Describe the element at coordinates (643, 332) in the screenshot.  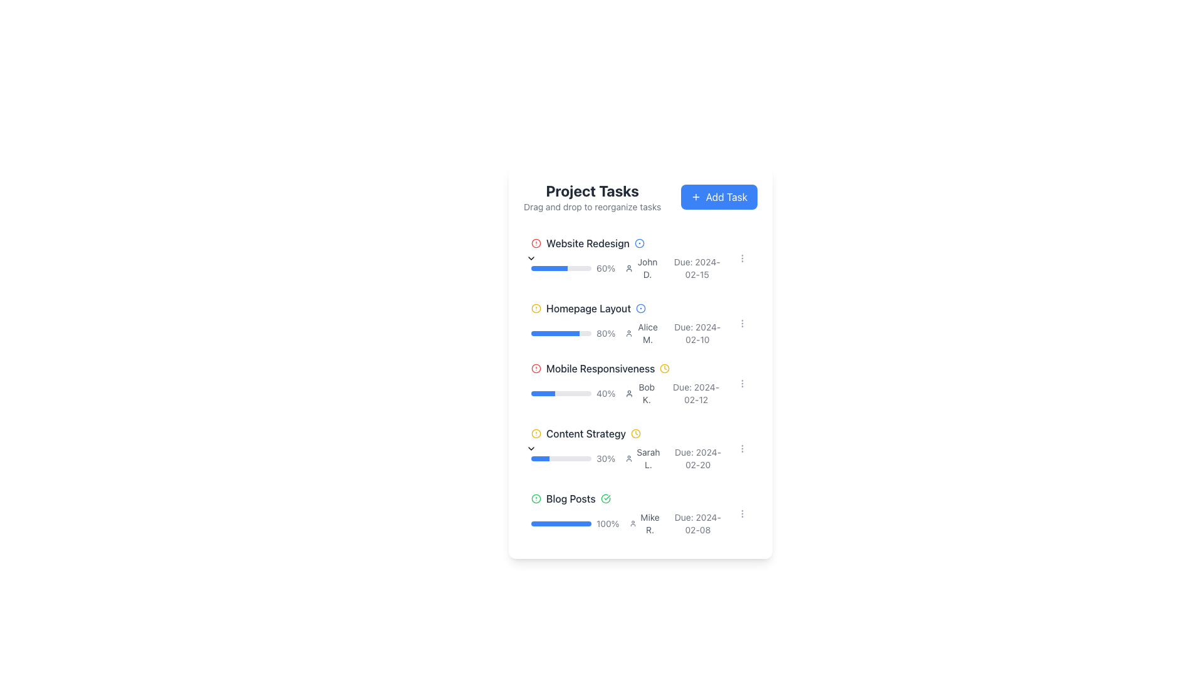
I see `the Label with the text 'Alice M.' and a user profile icon, which is positioned to the right of the progress bar in the task entry titled 'Homepage Layout'` at that location.